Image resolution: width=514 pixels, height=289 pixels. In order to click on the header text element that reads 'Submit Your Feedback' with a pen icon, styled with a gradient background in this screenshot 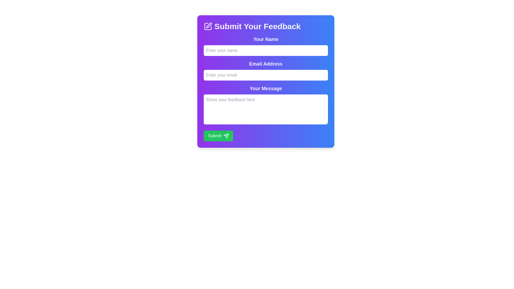, I will do `click(266, 26)`.